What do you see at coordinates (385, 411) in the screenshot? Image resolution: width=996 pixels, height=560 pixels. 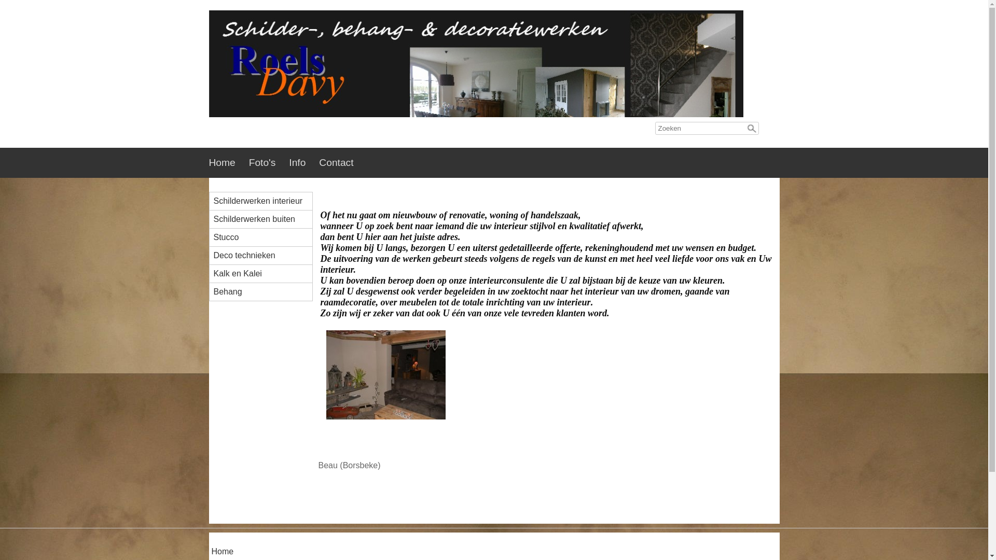 I see `'Beau (Borsbeke)'` at bounding box center [385, 411].